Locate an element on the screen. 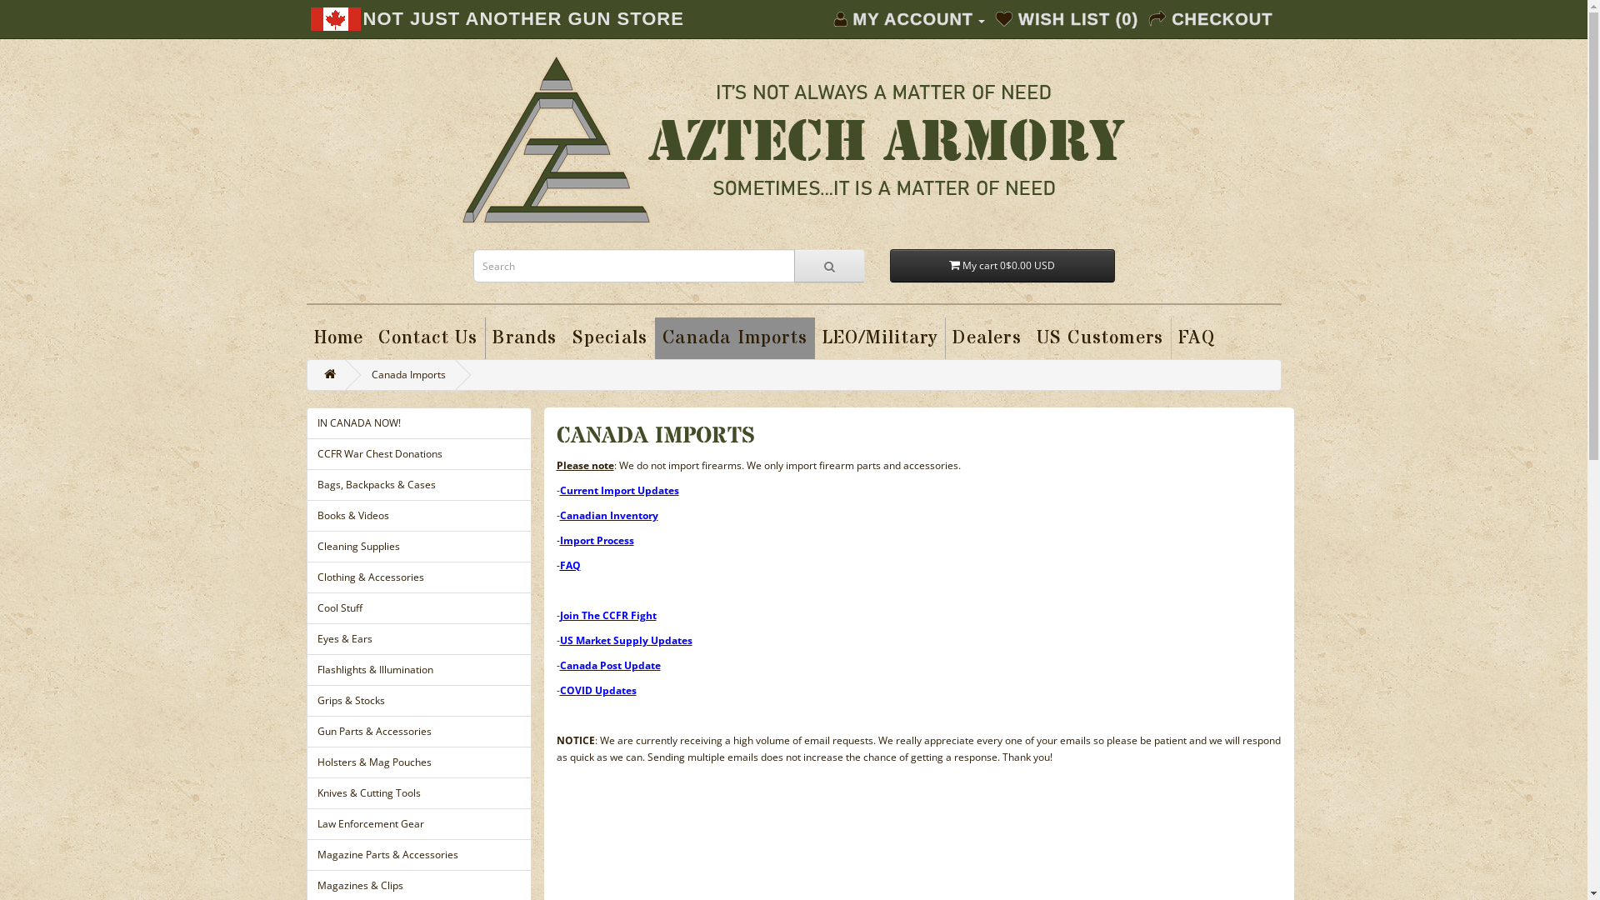  'My cart 0$0.00 USD' is located at coordinates (1002, 265).